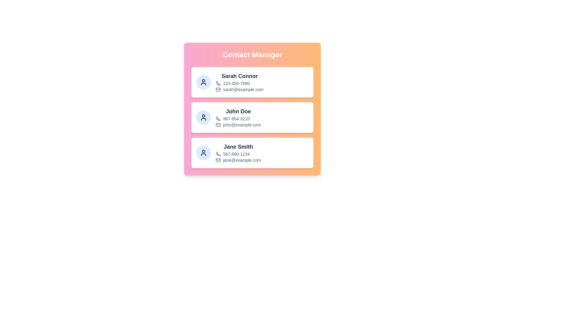  Describe the element at coordinates (238, 111) in the screenshot. I see `the contact name text for John Doe` at that location.